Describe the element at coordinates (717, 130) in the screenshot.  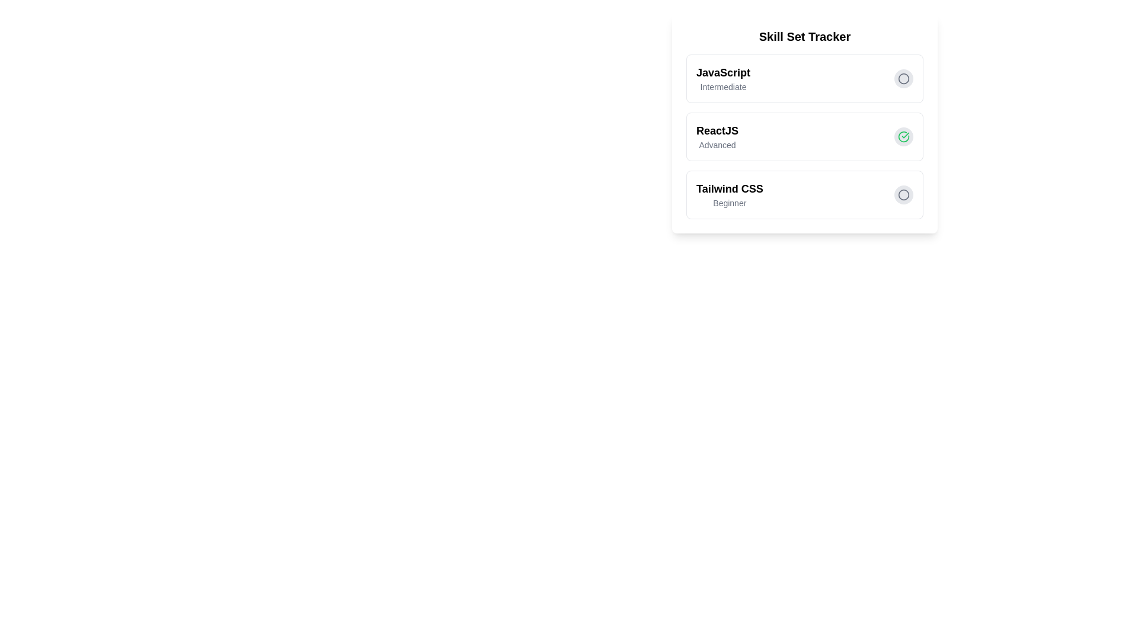
I see `the ReactJS skill label that indicates the skill within the skill tracking interface` at that location.